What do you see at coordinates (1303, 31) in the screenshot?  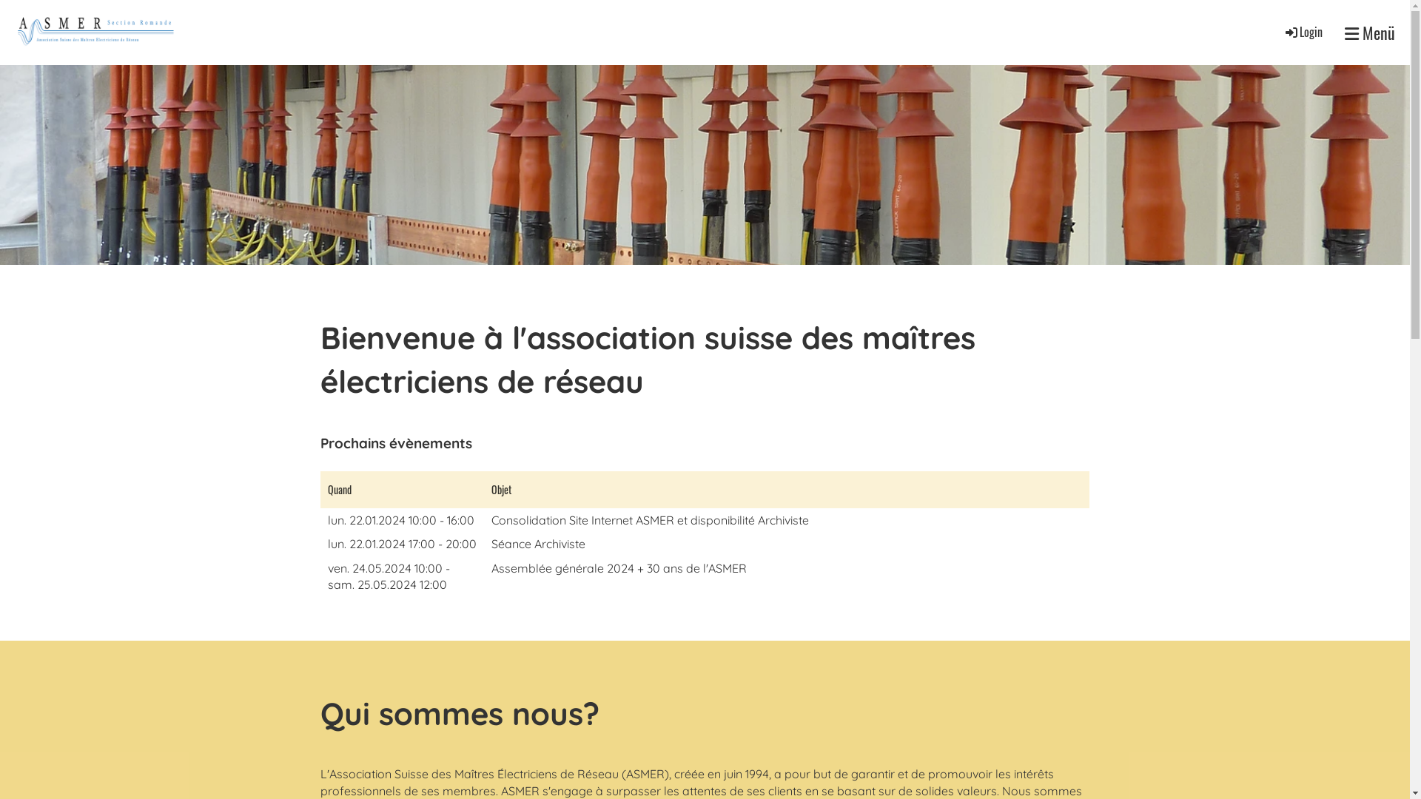 I see `'Login'` at bounding box center [1303, 31].